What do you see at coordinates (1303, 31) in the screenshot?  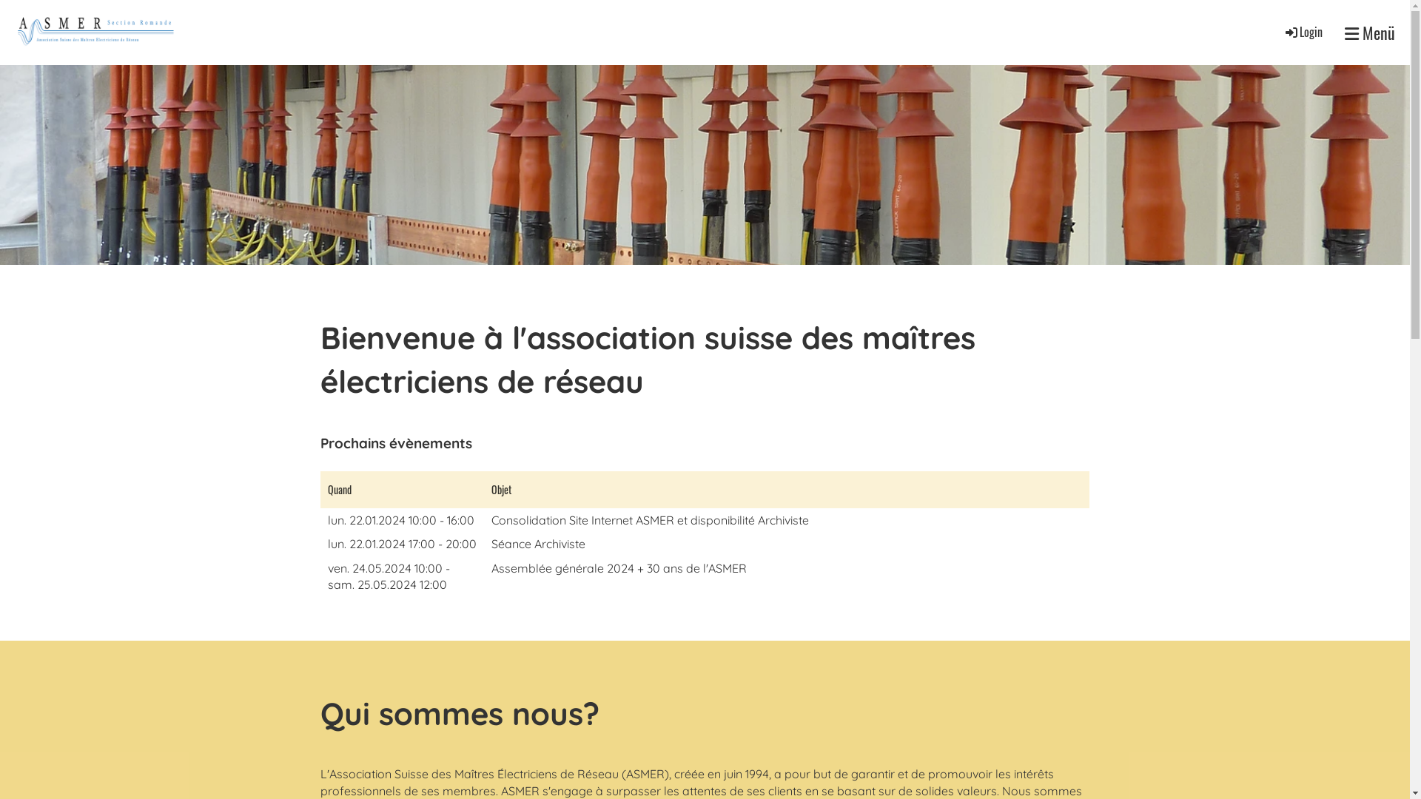 I see `'Login'` at bounding box center [1303, 31].